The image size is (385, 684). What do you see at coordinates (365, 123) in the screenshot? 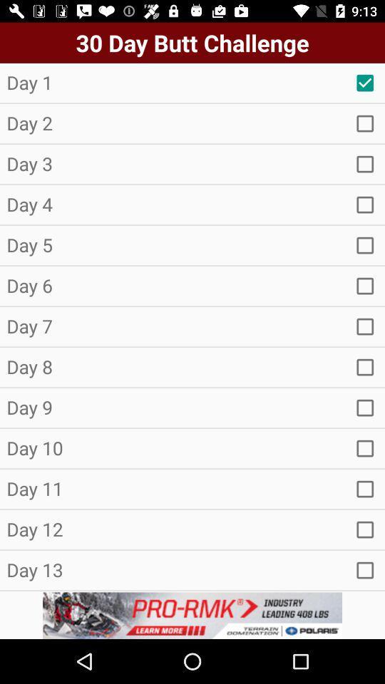
I see `option button` at bounding box center [365, 123].